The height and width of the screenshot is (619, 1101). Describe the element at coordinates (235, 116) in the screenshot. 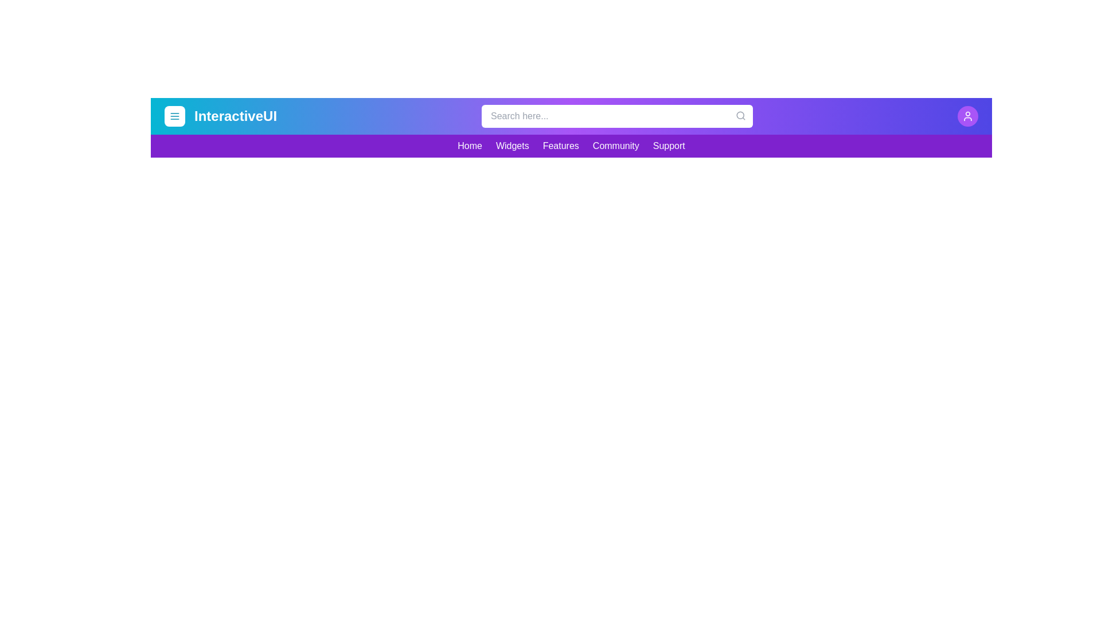

I see `the title text 'InteractiveUI'` at that location.